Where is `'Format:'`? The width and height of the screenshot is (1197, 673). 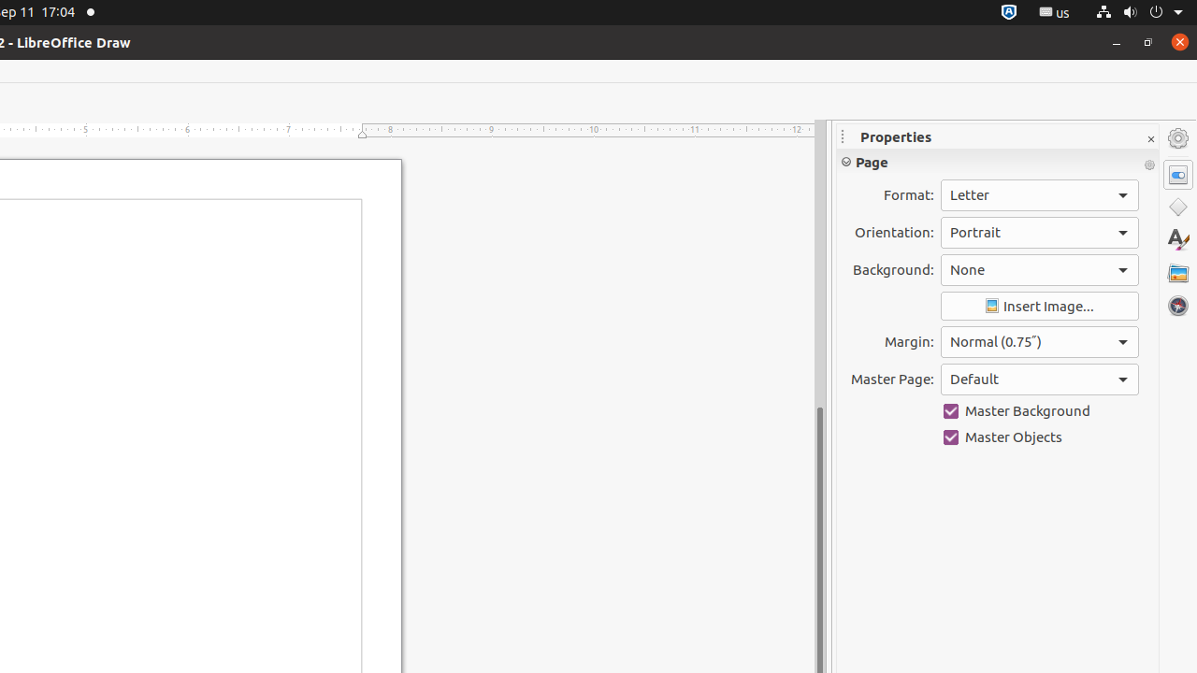 'Format:' is located at coordinates (1038, 195).